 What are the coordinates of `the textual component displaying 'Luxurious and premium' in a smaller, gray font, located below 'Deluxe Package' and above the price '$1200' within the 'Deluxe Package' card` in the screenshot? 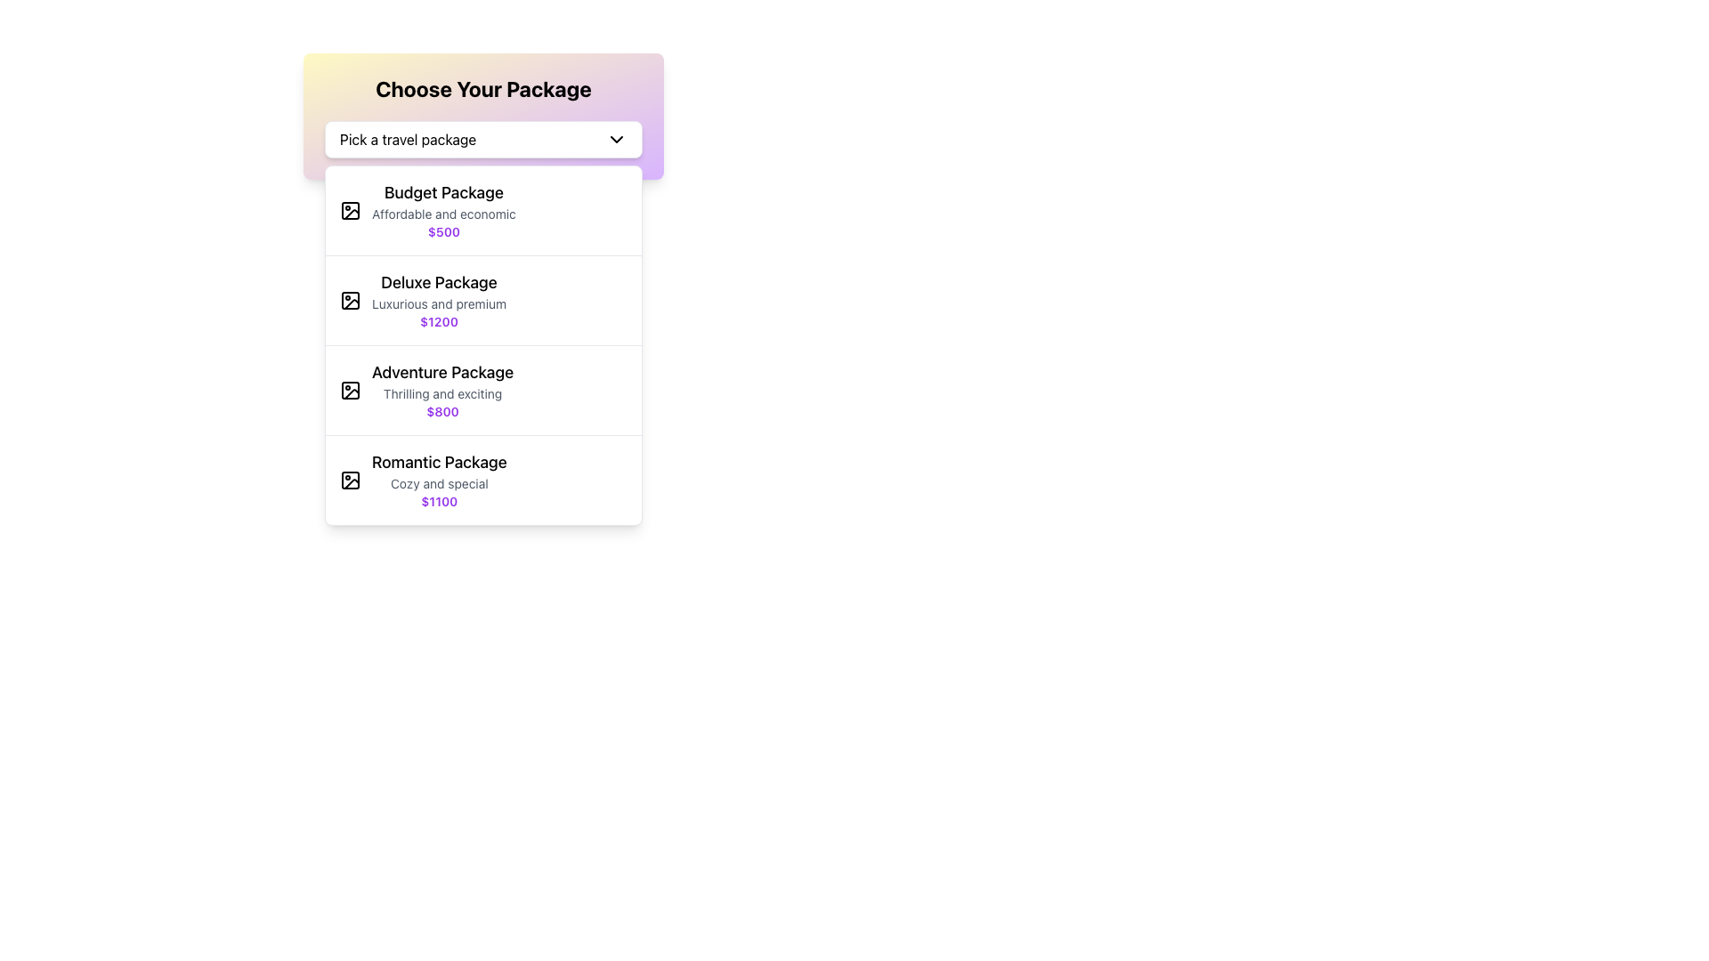 It's located at (439, 303).